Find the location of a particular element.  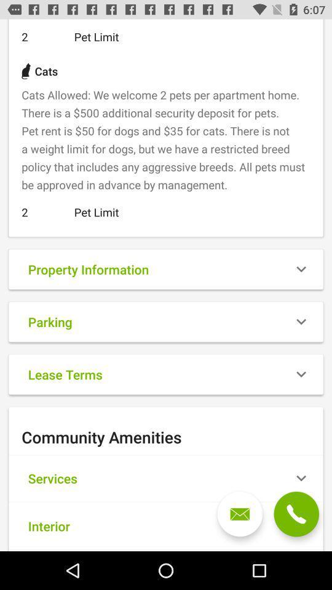

the email icon is located at coordinates (240, 514).